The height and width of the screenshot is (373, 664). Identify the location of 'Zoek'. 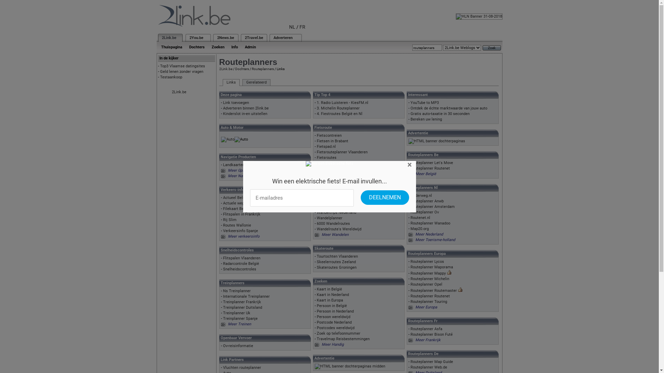
(491, 47).